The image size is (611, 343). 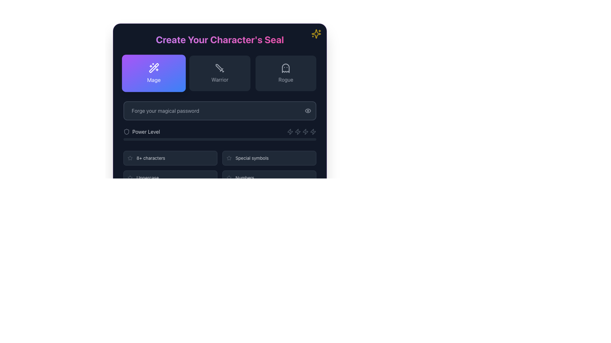 I want to click on the small star-shaped icon with a grayish stroke located in the upper-right corner of the interface, near the label 'Create Your Character's Seal', so click(x=229, y=158).